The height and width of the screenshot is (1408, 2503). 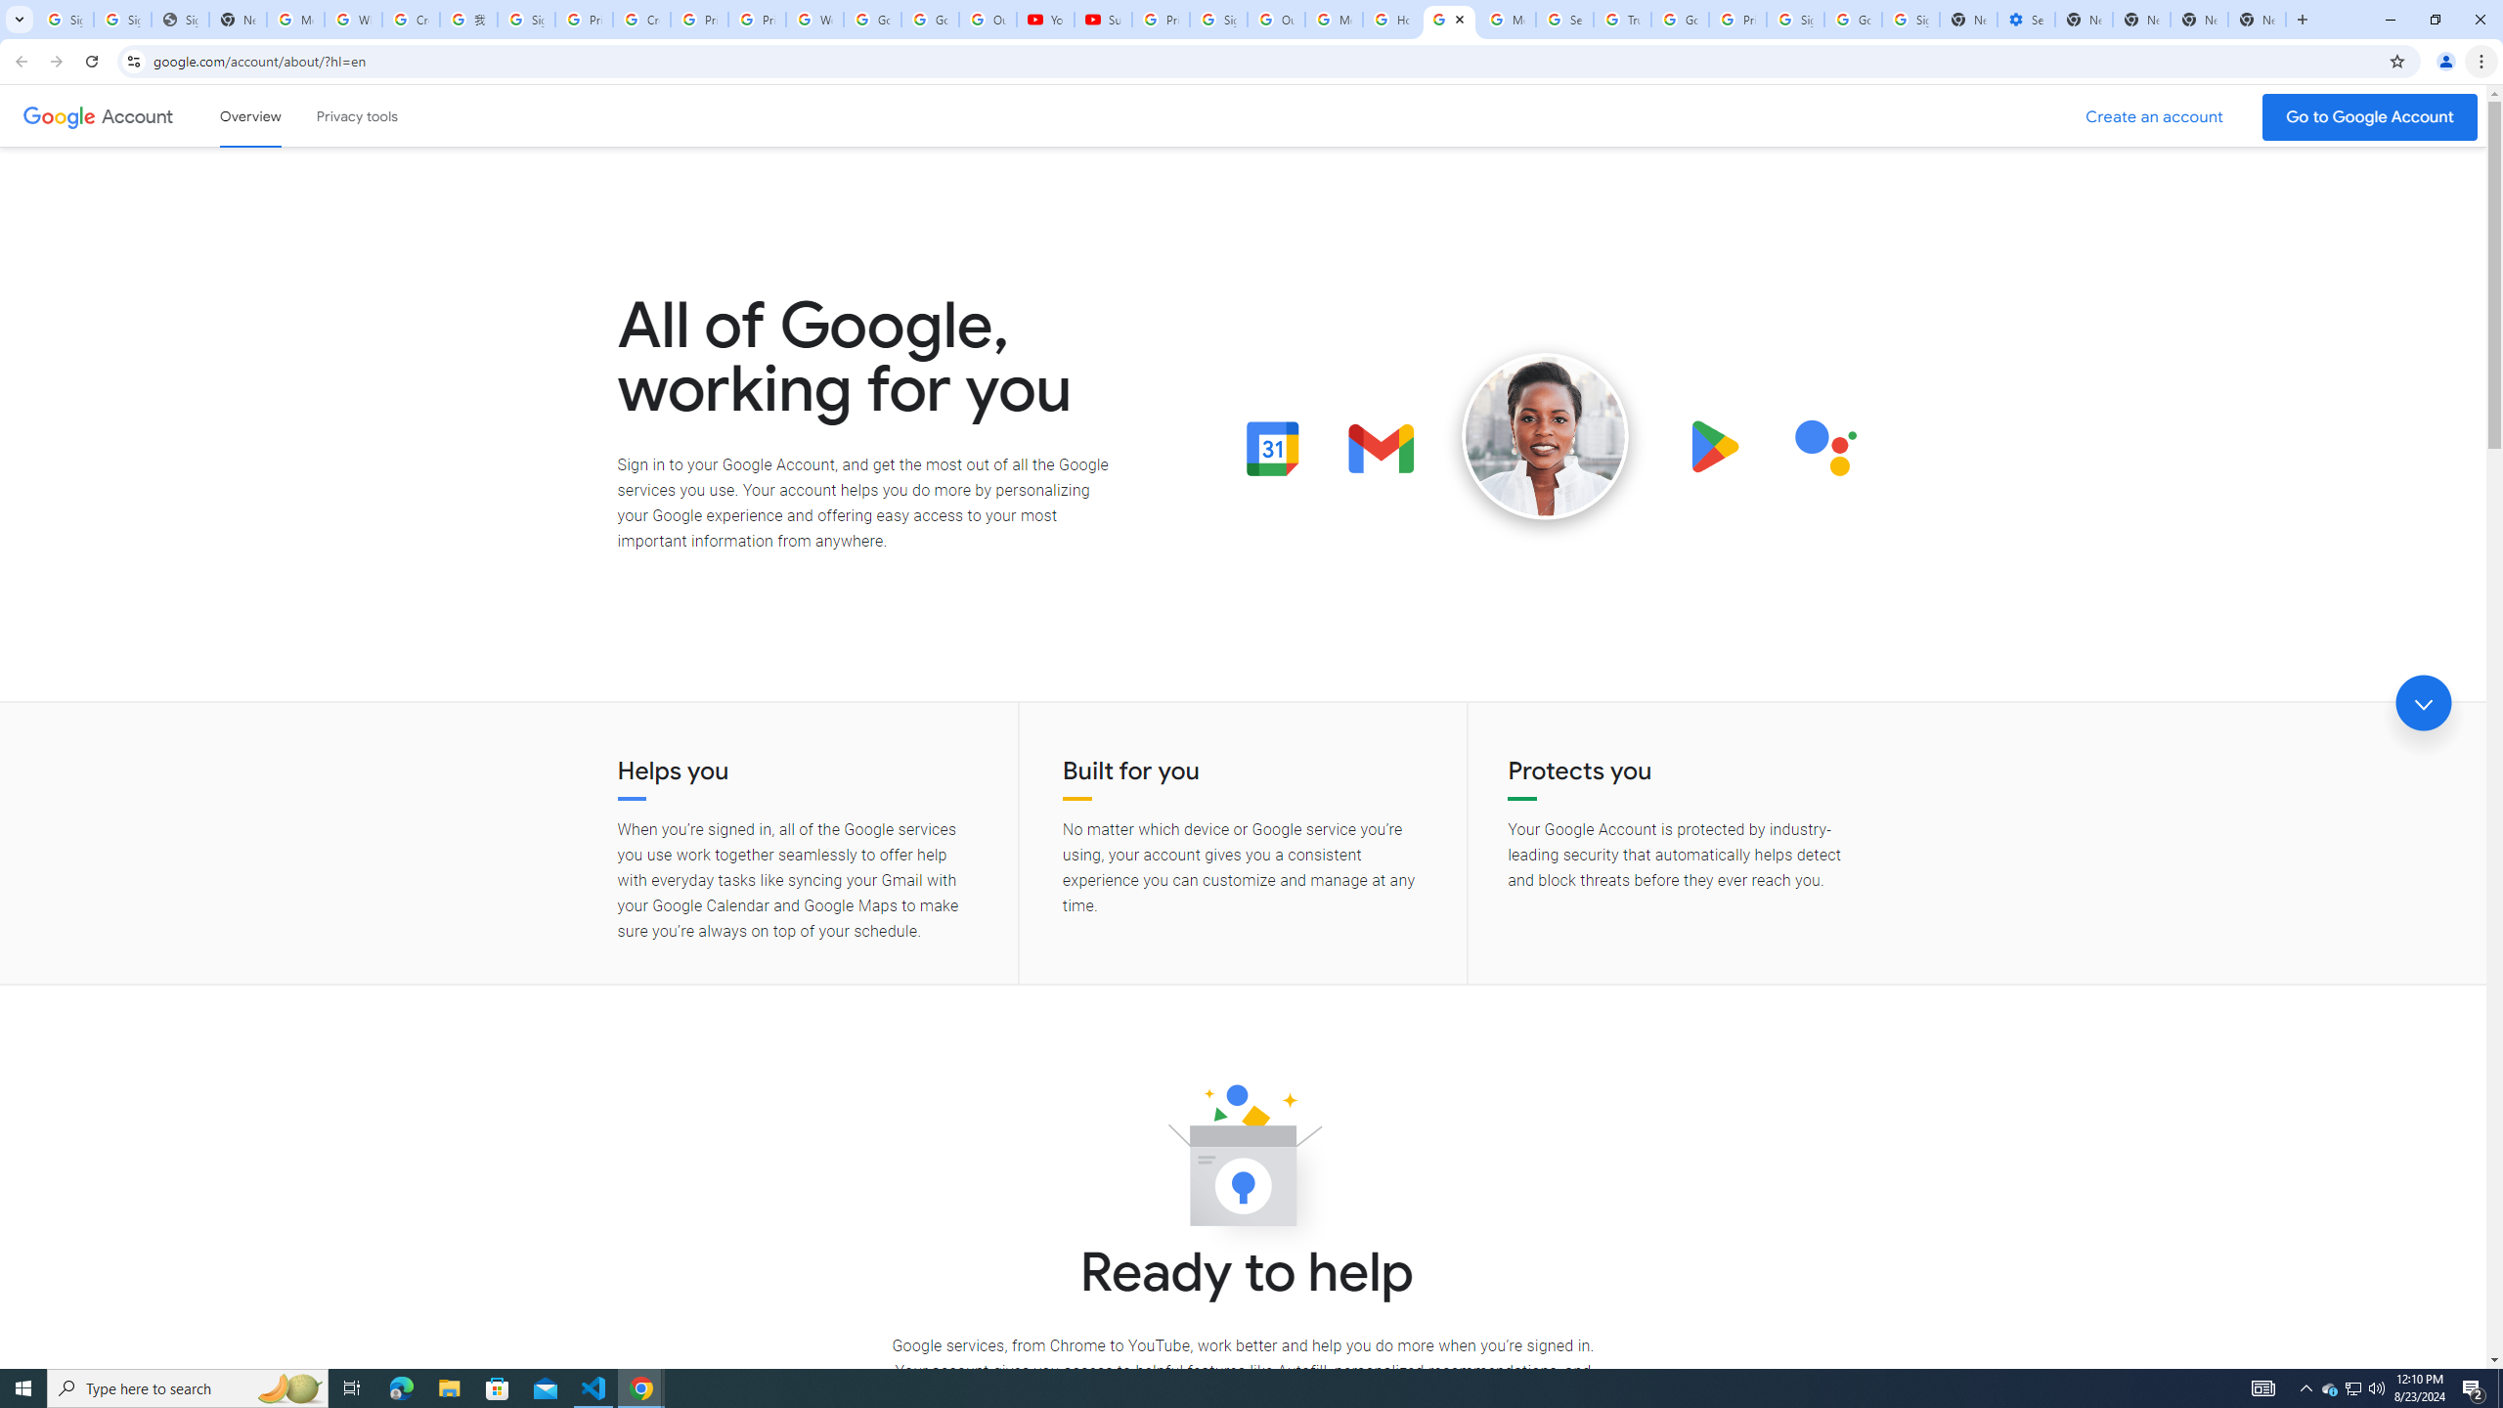 What do you see at coordinates (2370, 116) in the screenshot?
I see `'Go to your Google Account'` at bounding box center [2370, 116].